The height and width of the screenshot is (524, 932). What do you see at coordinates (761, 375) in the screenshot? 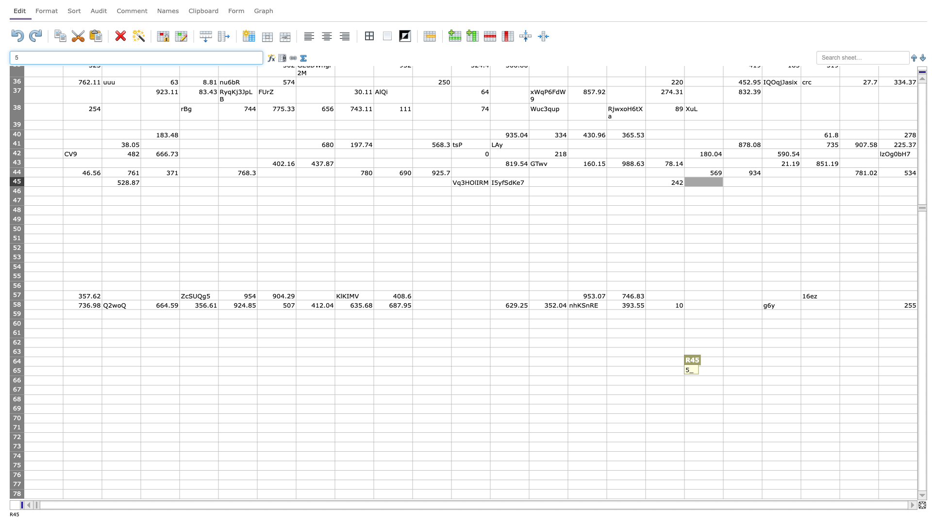
I see `fill handle of S65` at bounding box center [761, 375].